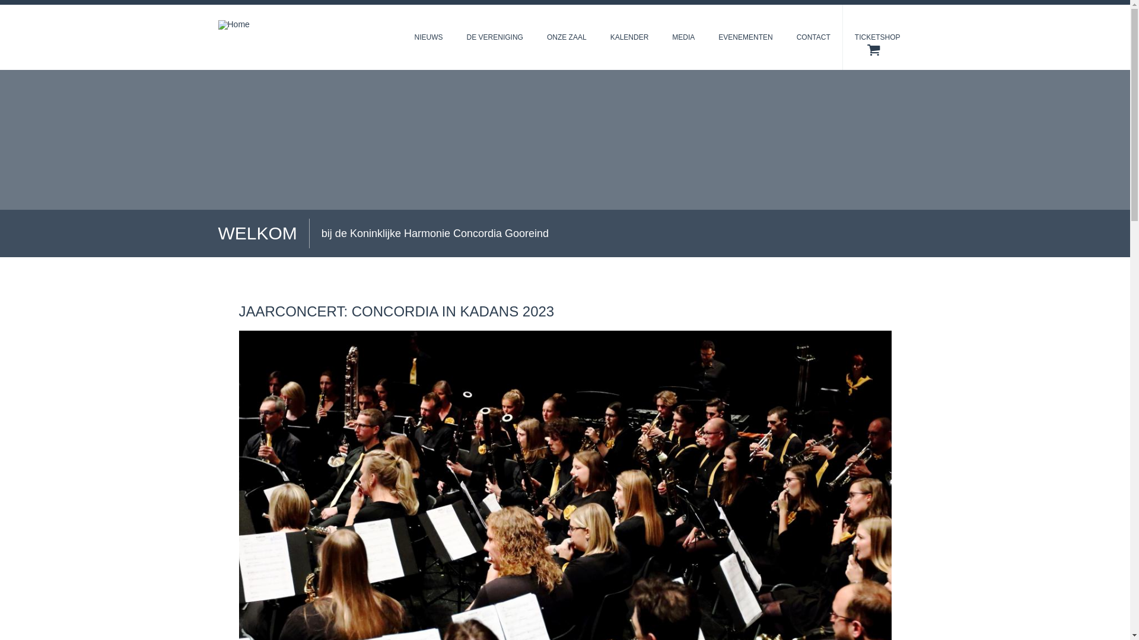 The image size is (1139, 640). What do you see at coordinates (683, 36) in the screenshot?
I see `'MEDIA'` at bounding box center [683, 36].